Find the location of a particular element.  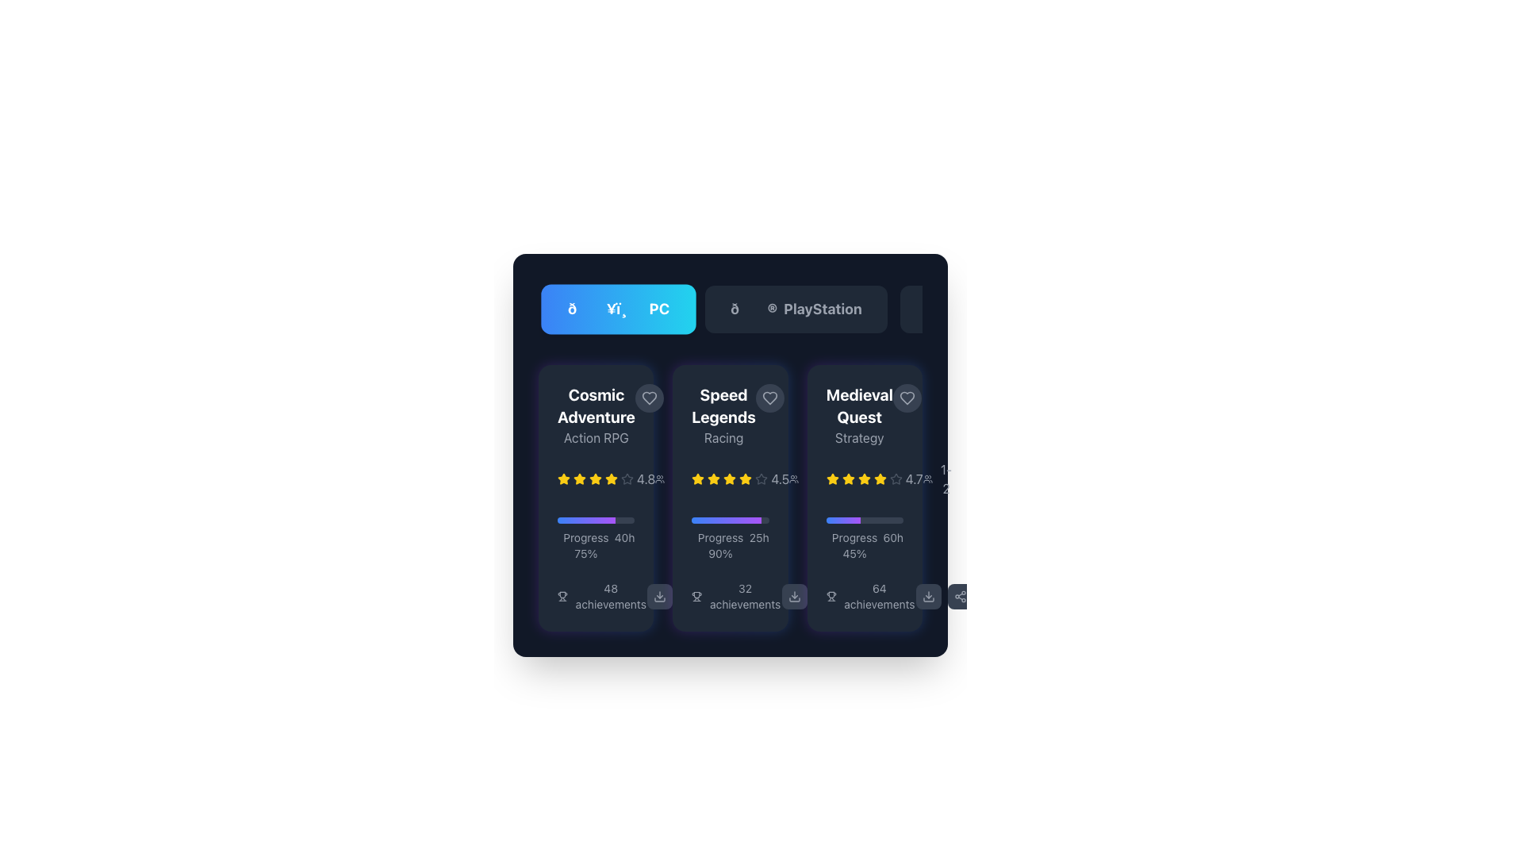

the trophy icon in the interactive buttons section beneath the 'Speed Legends' game card is located at coordinates (810, 597).